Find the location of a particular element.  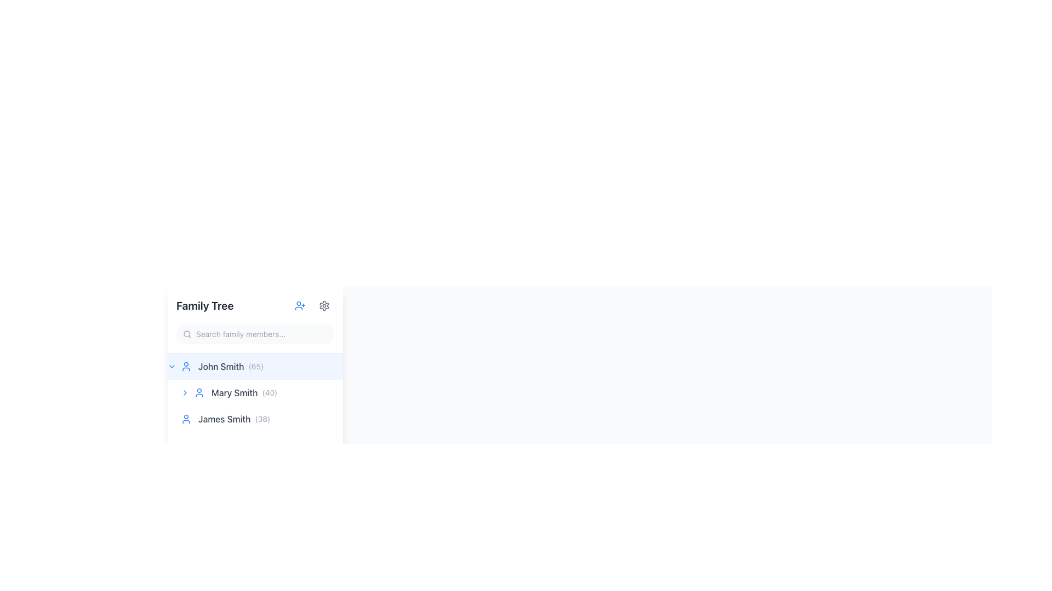

the text label displaying 'James Smith' is located at coordinates (224, 419).